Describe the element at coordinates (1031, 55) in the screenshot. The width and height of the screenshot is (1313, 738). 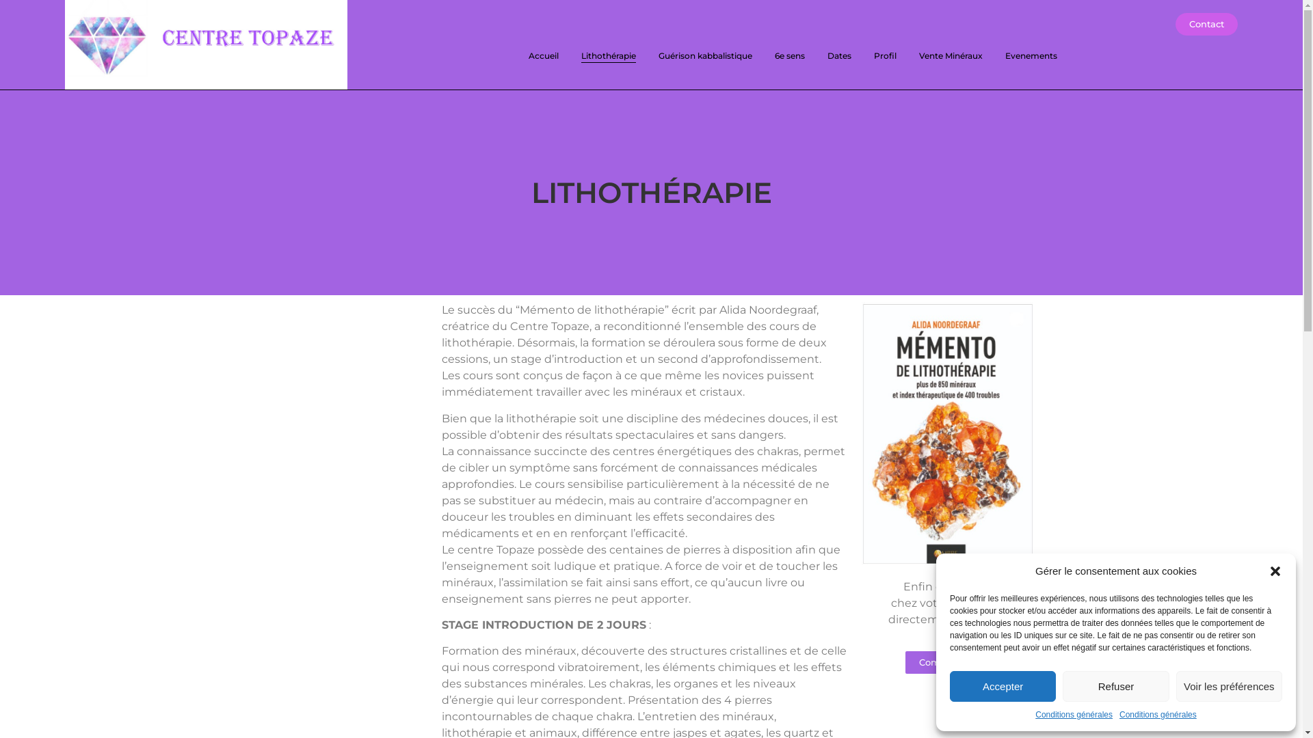
I see `'Evenements'` at that location.